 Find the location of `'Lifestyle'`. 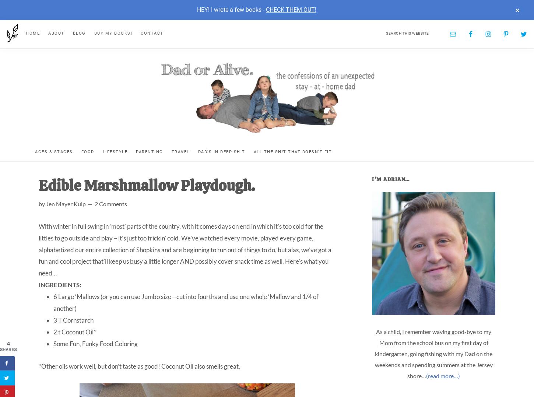

'Lifestyle' is located at coordinates (115, 151).